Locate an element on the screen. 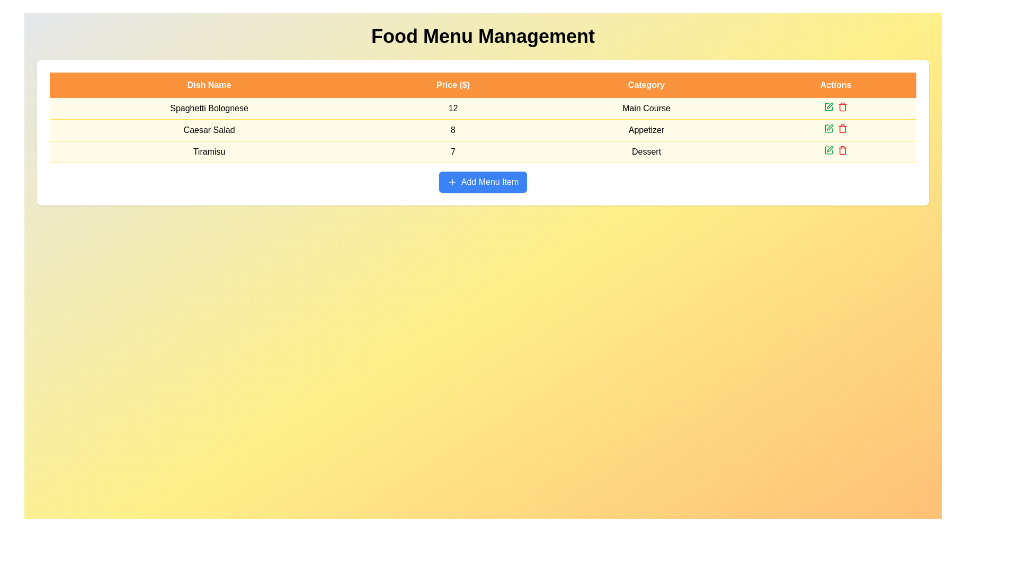 This screenshot has height=572, width=1017. the static text label displaying 'Main Course' which is centrally aligned in the third column under the 'Category' heading of the first data row in the table is located at coordinates (646, 109).